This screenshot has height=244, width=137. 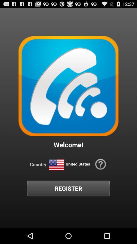 What do you see at coordinates (100, 164) in the screenshot?
I see `the button above the register icon` at bounding box center [100, 164].